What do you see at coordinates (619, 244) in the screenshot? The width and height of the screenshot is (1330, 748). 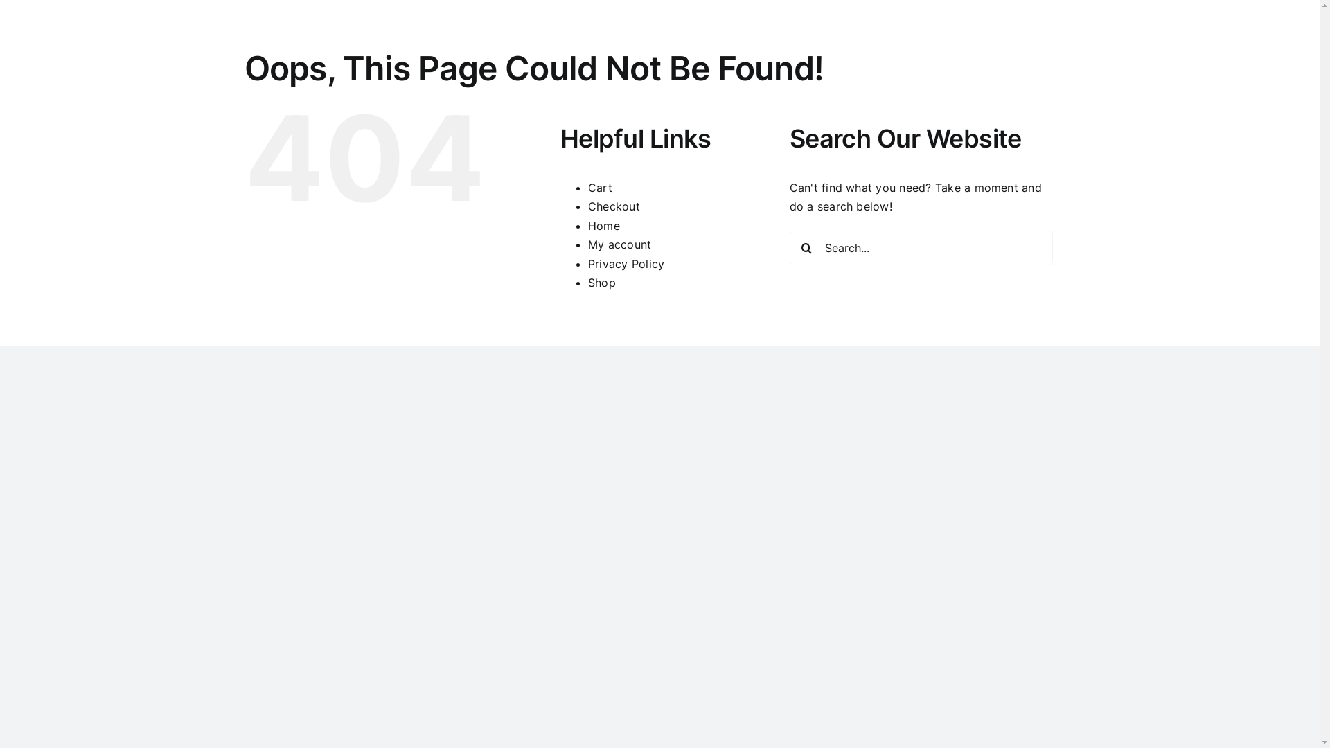 I see `'My account'` at bounding box center [619, 244].